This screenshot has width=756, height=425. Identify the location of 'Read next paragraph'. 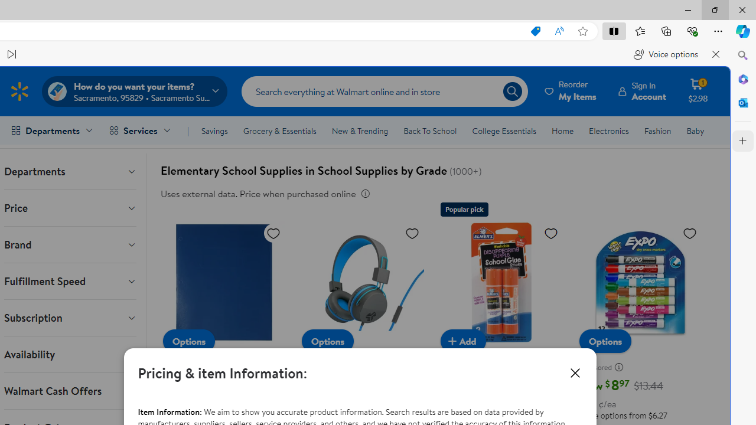
(11, 54).